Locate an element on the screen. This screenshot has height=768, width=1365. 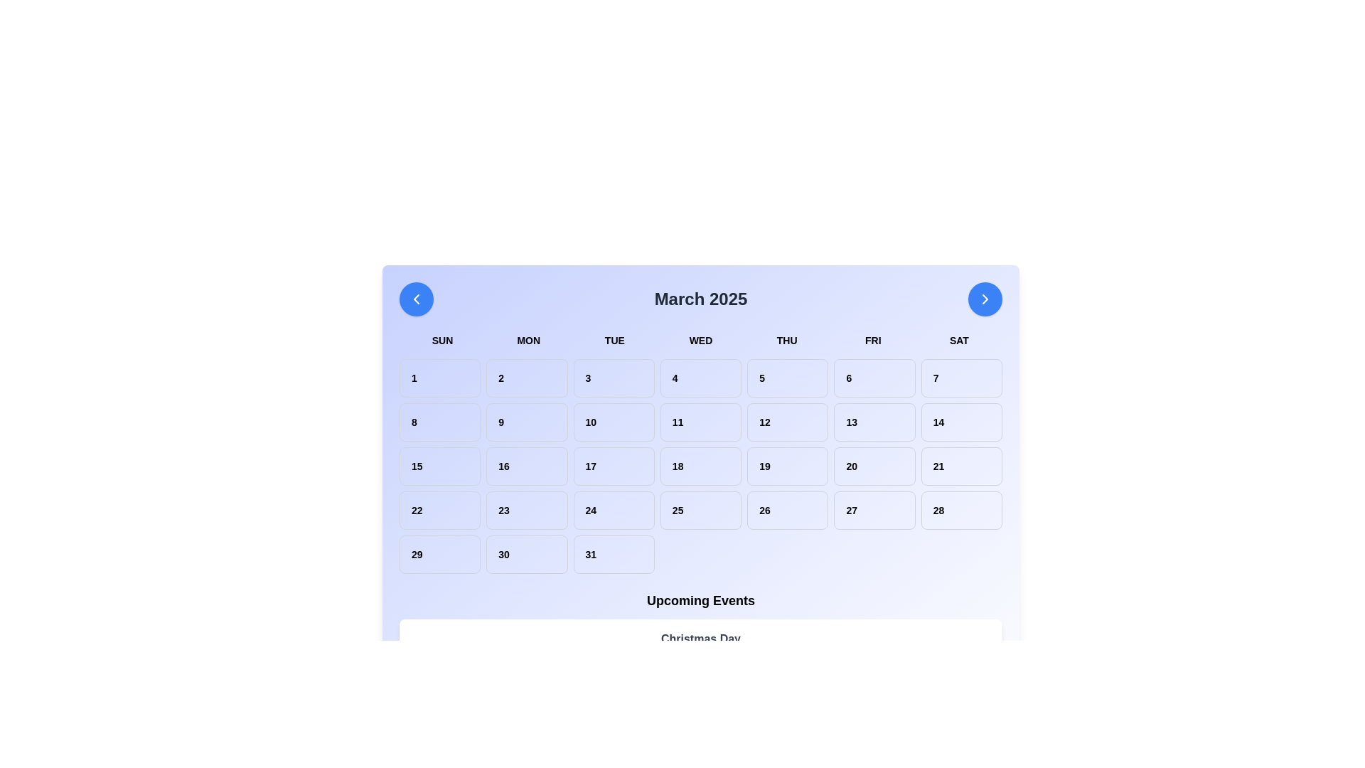
the calendar cell displaying the number '30' in the bottom row, second column of the March 2025 calendar is located at coordinates (526, 553).